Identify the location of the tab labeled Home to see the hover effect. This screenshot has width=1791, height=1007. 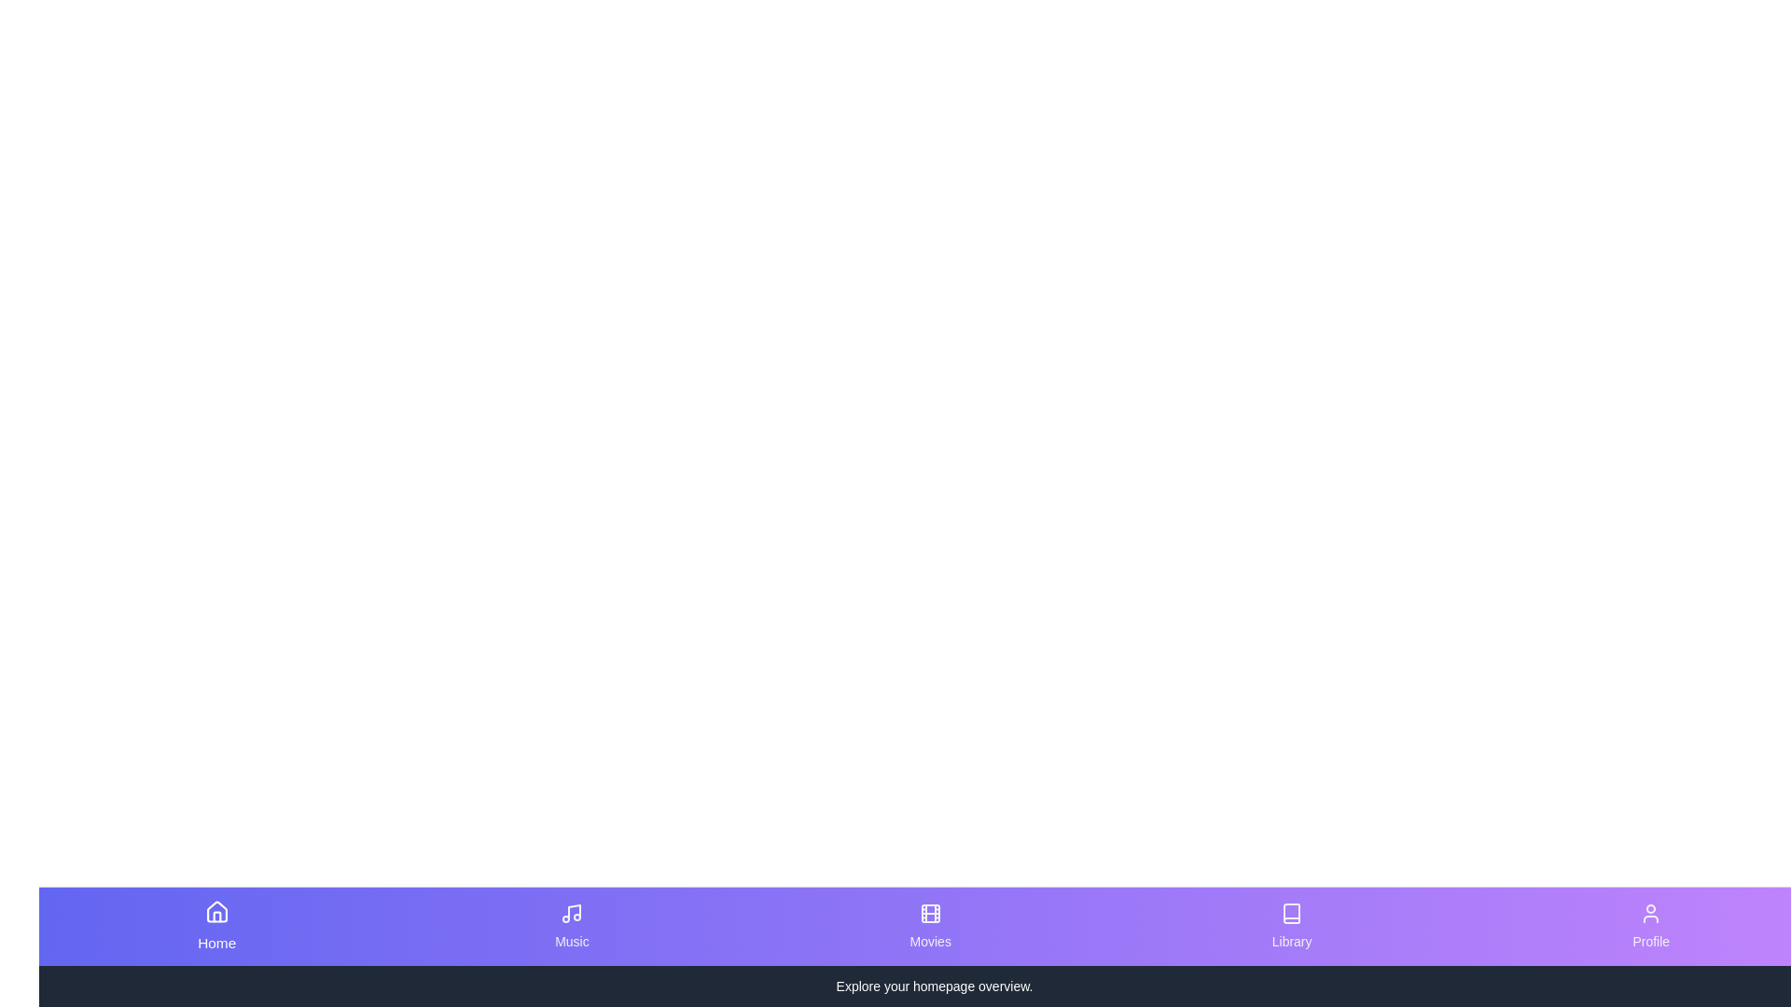
(216, 927).